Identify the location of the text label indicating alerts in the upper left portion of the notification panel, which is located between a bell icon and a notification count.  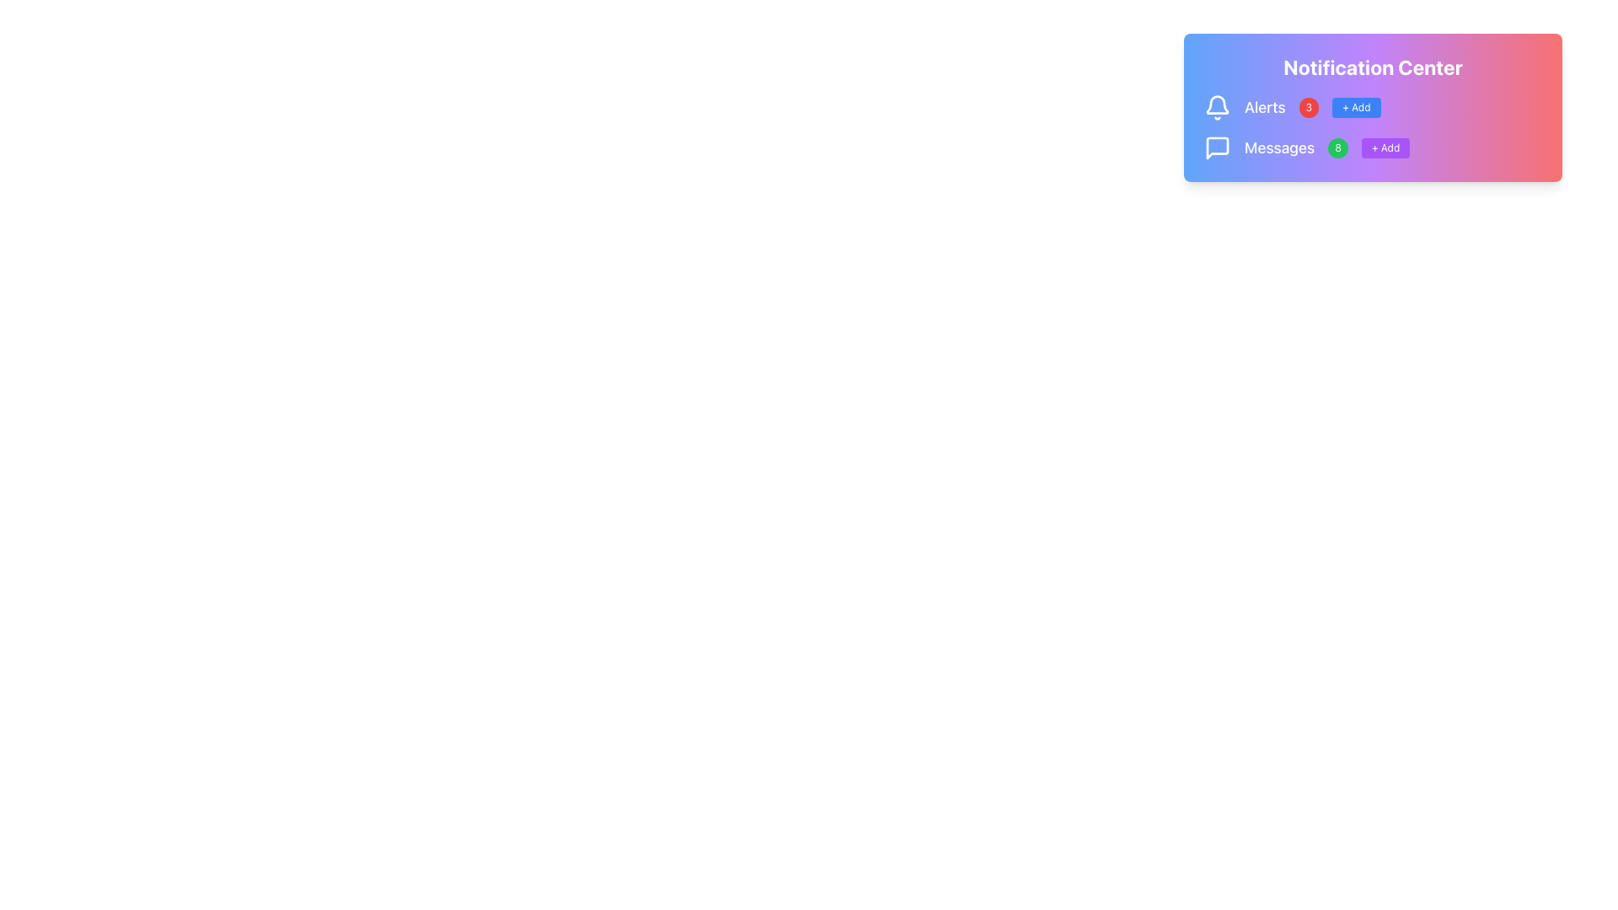
(1265, 107).